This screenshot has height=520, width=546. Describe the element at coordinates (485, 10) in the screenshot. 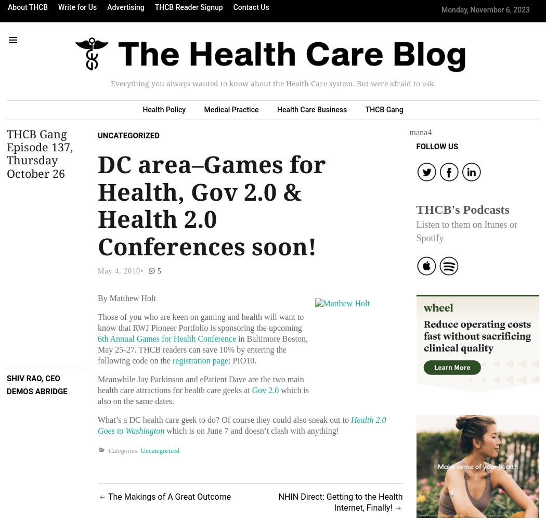

I see `'Monday, November 6, 2023'` at that location.